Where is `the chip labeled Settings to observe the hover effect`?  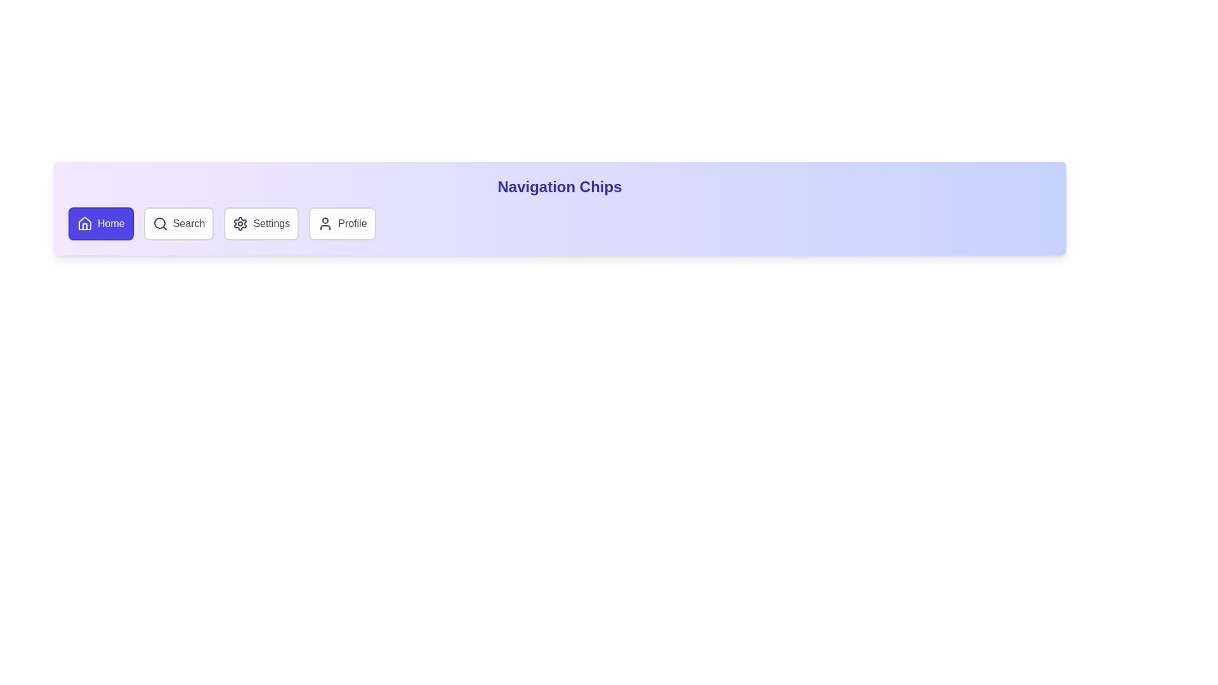
the chip labeled Settings to observe the hover effect is located at coordinates (261, 223).